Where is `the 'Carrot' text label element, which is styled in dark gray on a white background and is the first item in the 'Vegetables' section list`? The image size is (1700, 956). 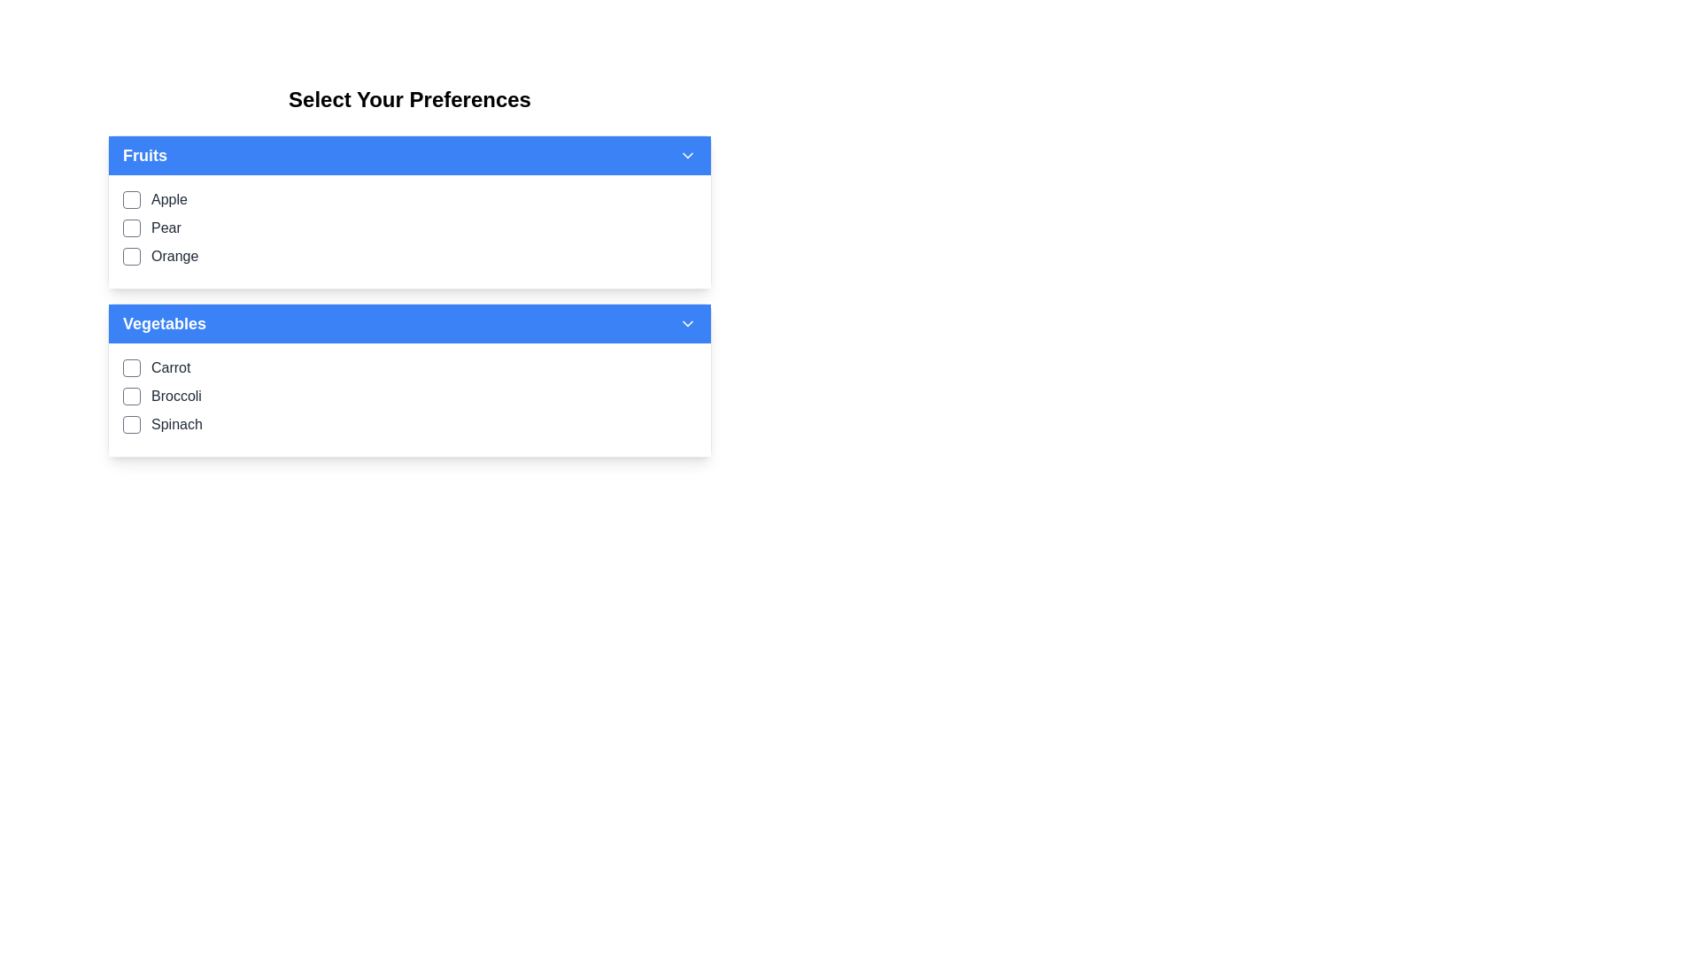
the 'Carrot' text label element, which is styled in dark gray on a white background and is the first item in the 'Vegetables' section list is located at coordinates (171, 367).